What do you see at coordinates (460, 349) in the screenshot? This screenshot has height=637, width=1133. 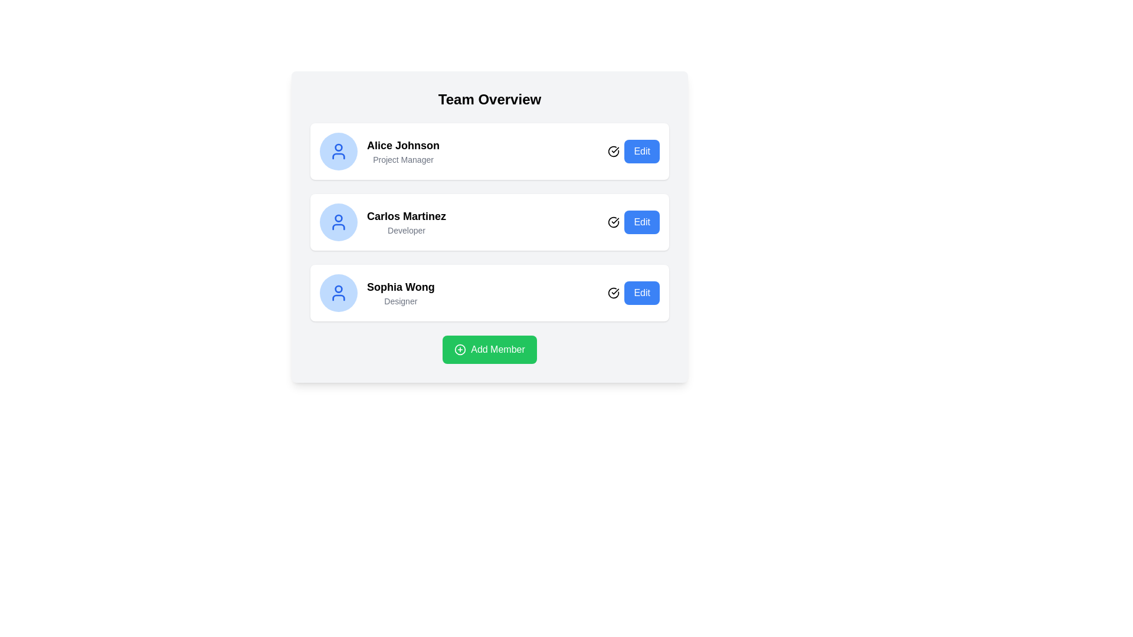 I see `the green rectangular button labeled 'Add Member' which contains a circular SVG element, located at the bottom of the interface` at bounding box center [460, 349].